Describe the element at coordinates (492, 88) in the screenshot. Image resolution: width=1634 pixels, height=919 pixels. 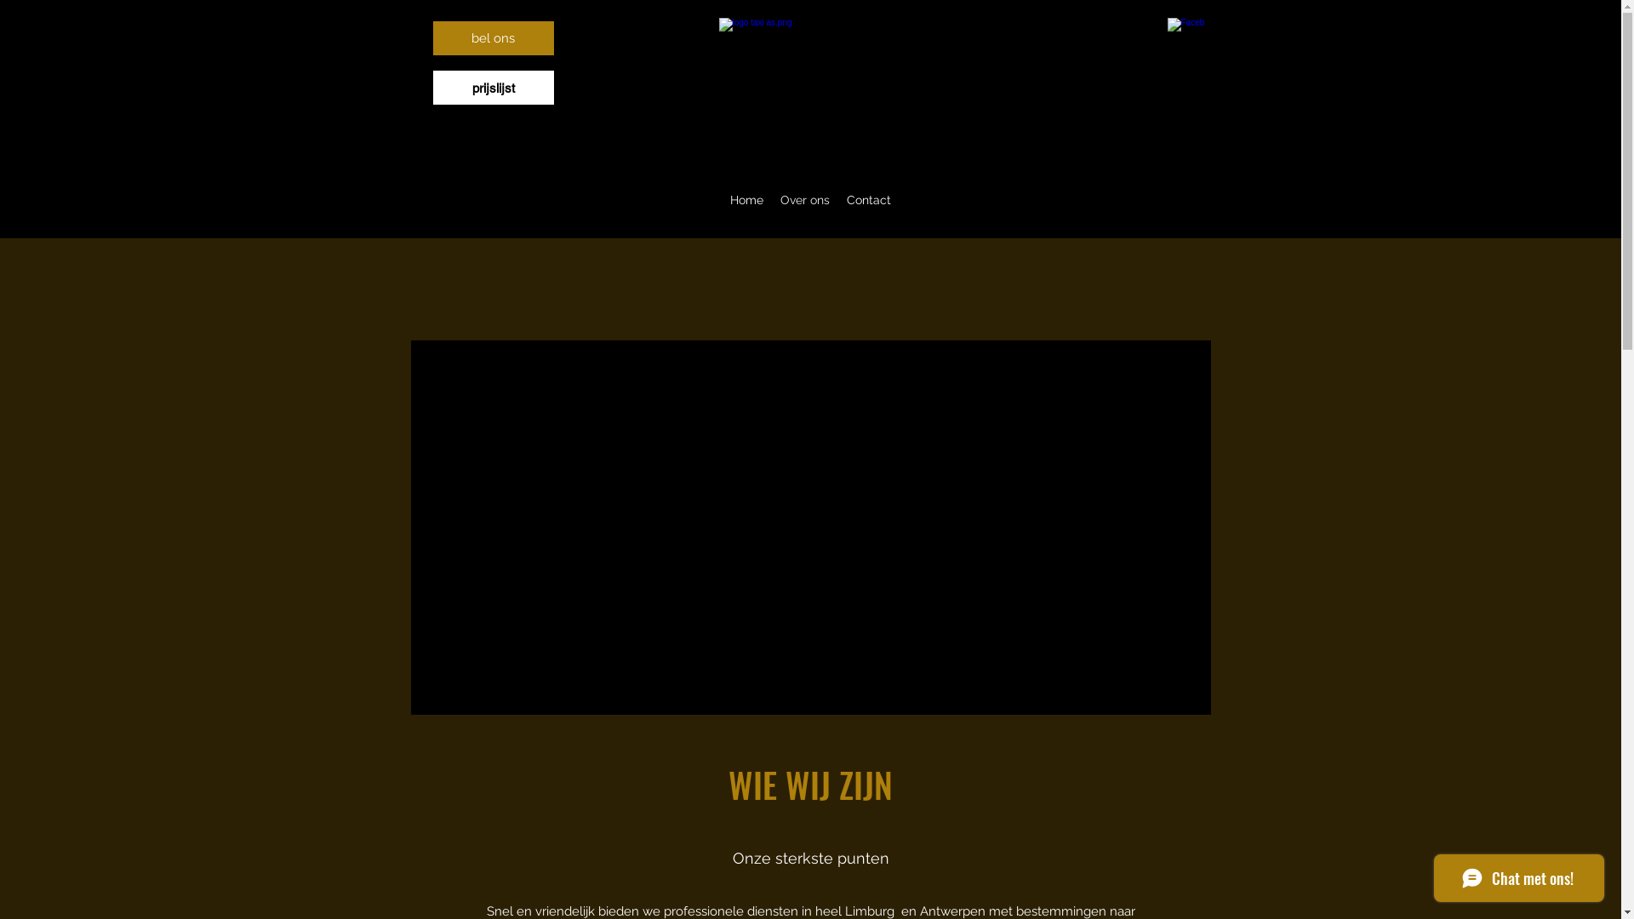
I see `'prijslijst'` at that location.